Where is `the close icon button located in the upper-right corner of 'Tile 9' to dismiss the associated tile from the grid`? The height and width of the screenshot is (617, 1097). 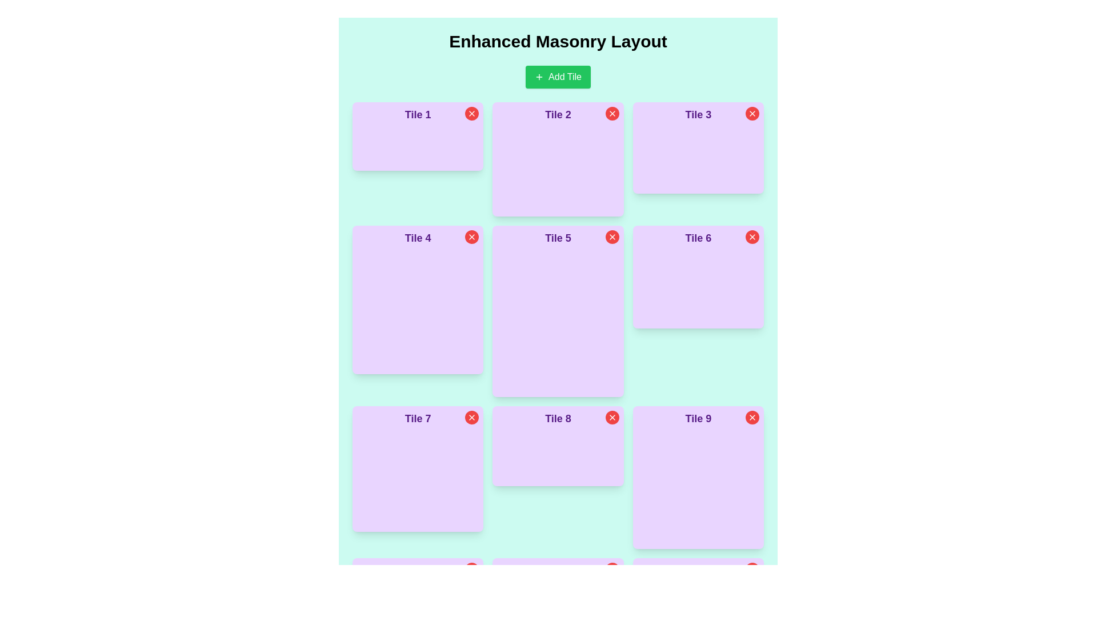 the close icon button located in the upper-right corner of 'Tile 9' to dismiss the associated tile from the grid is located at coordinates (752, 418).